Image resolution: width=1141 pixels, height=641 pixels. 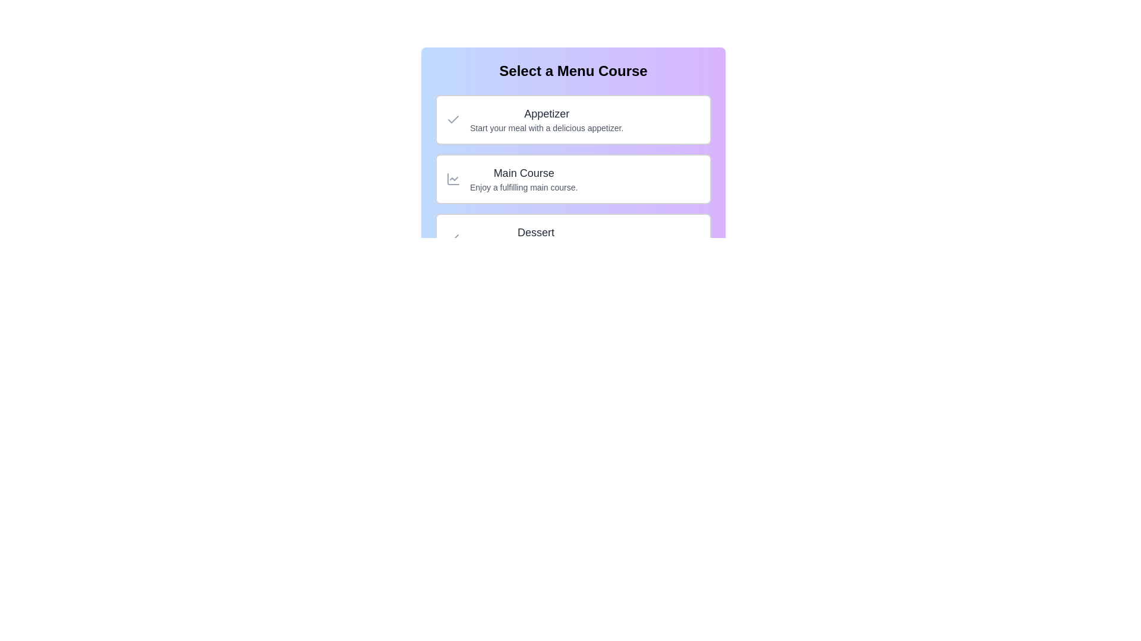 I want to click on on the first selectable list item labeled 'Appetizer', so click(x=573, y=119).